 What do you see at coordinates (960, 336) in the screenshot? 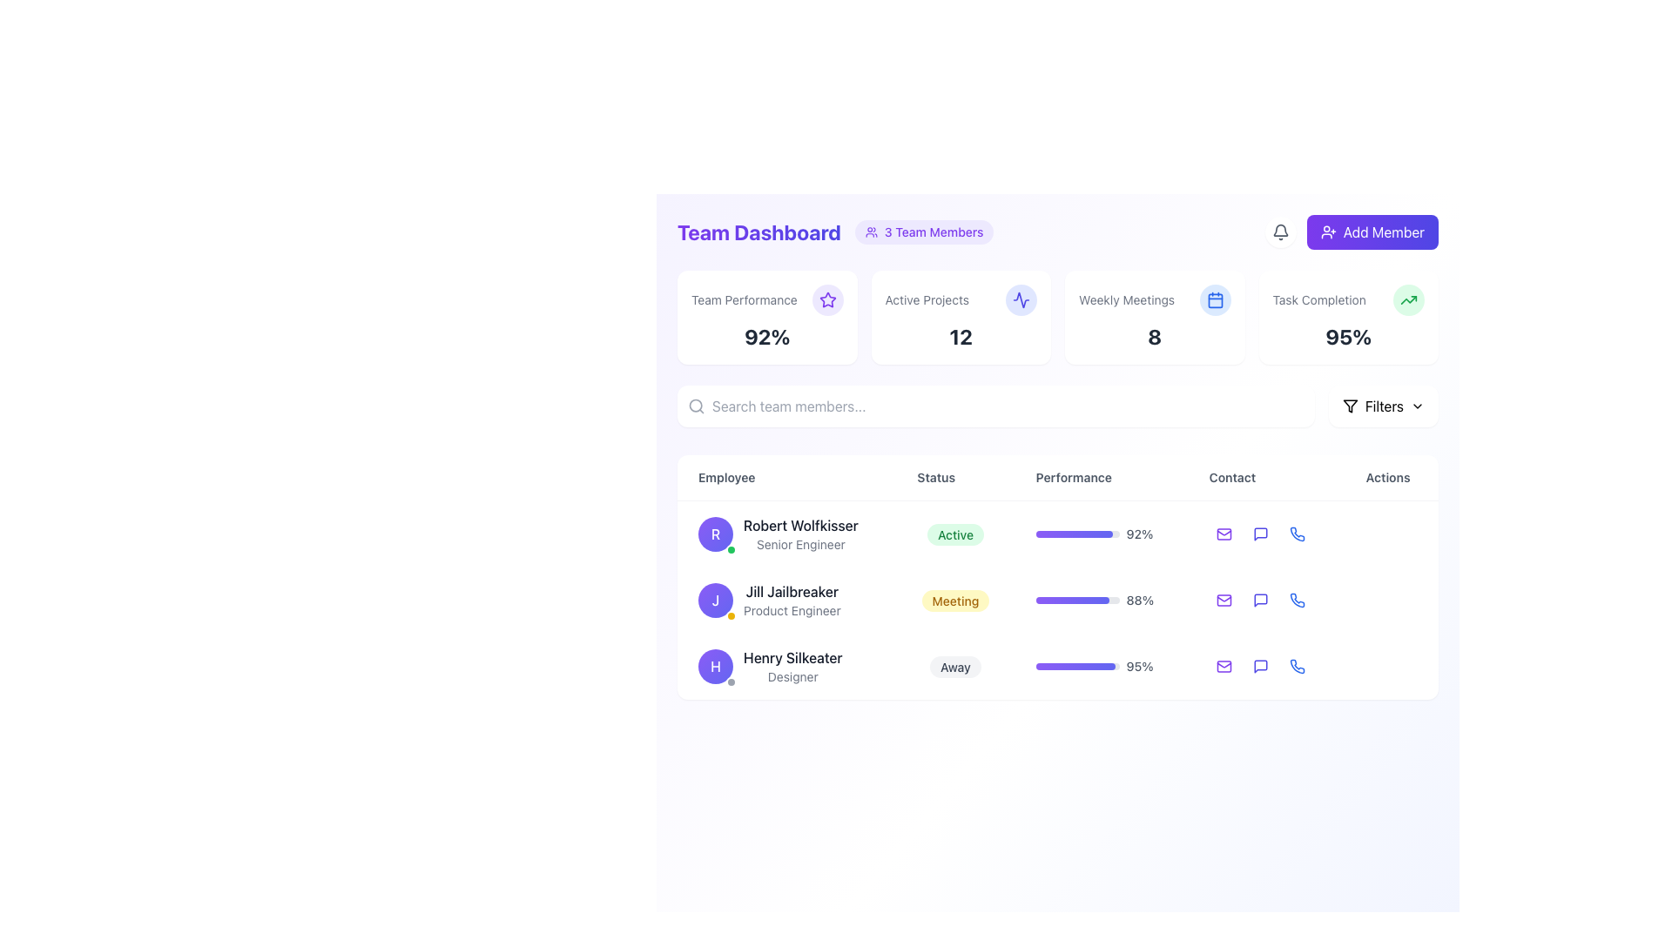
I see `the numeric '12' that displays the count of active projects, located beneath the 'Active Projects' label in the second summary card` at bounding box center [960, 336].